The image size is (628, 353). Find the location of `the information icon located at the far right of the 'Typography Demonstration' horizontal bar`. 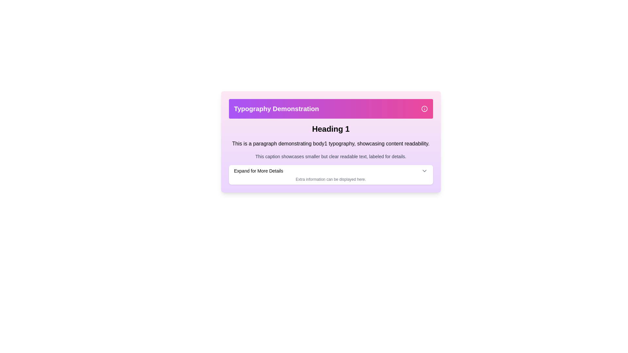

the information icon located at the far right of the 'Typography Demonstration' horizontal bar is located at coordinates (424, 108).